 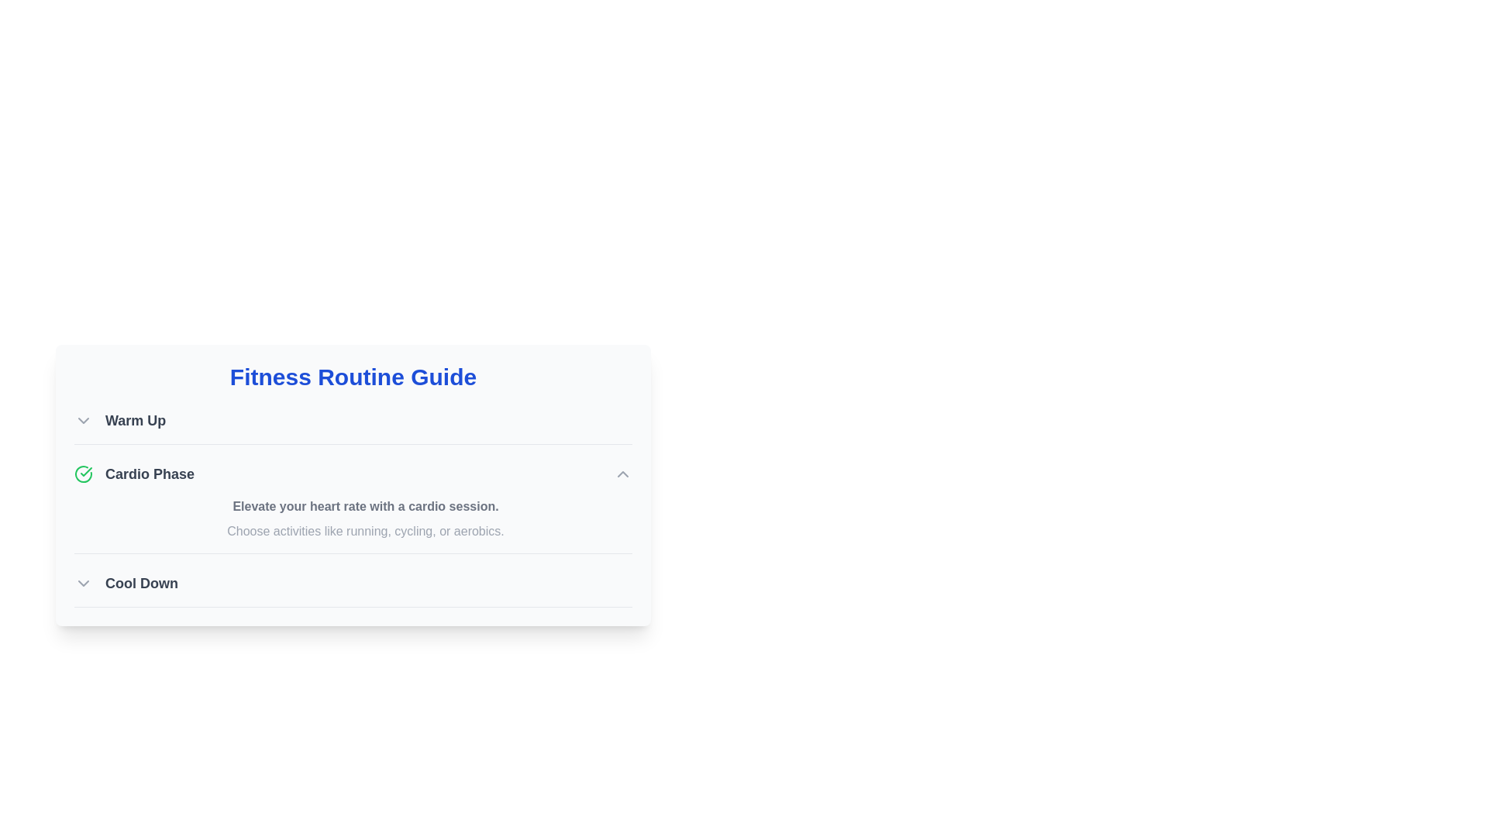 What do you see at coordinates (134, 474) in the screenshot?
I see `the 'Cardio Phase' label, which is styled with bold gray typography and is located next to a green circle icon with a checkmark, indicating completion or success, under the 'Warm Up' section` at bounding box center [134, 474].